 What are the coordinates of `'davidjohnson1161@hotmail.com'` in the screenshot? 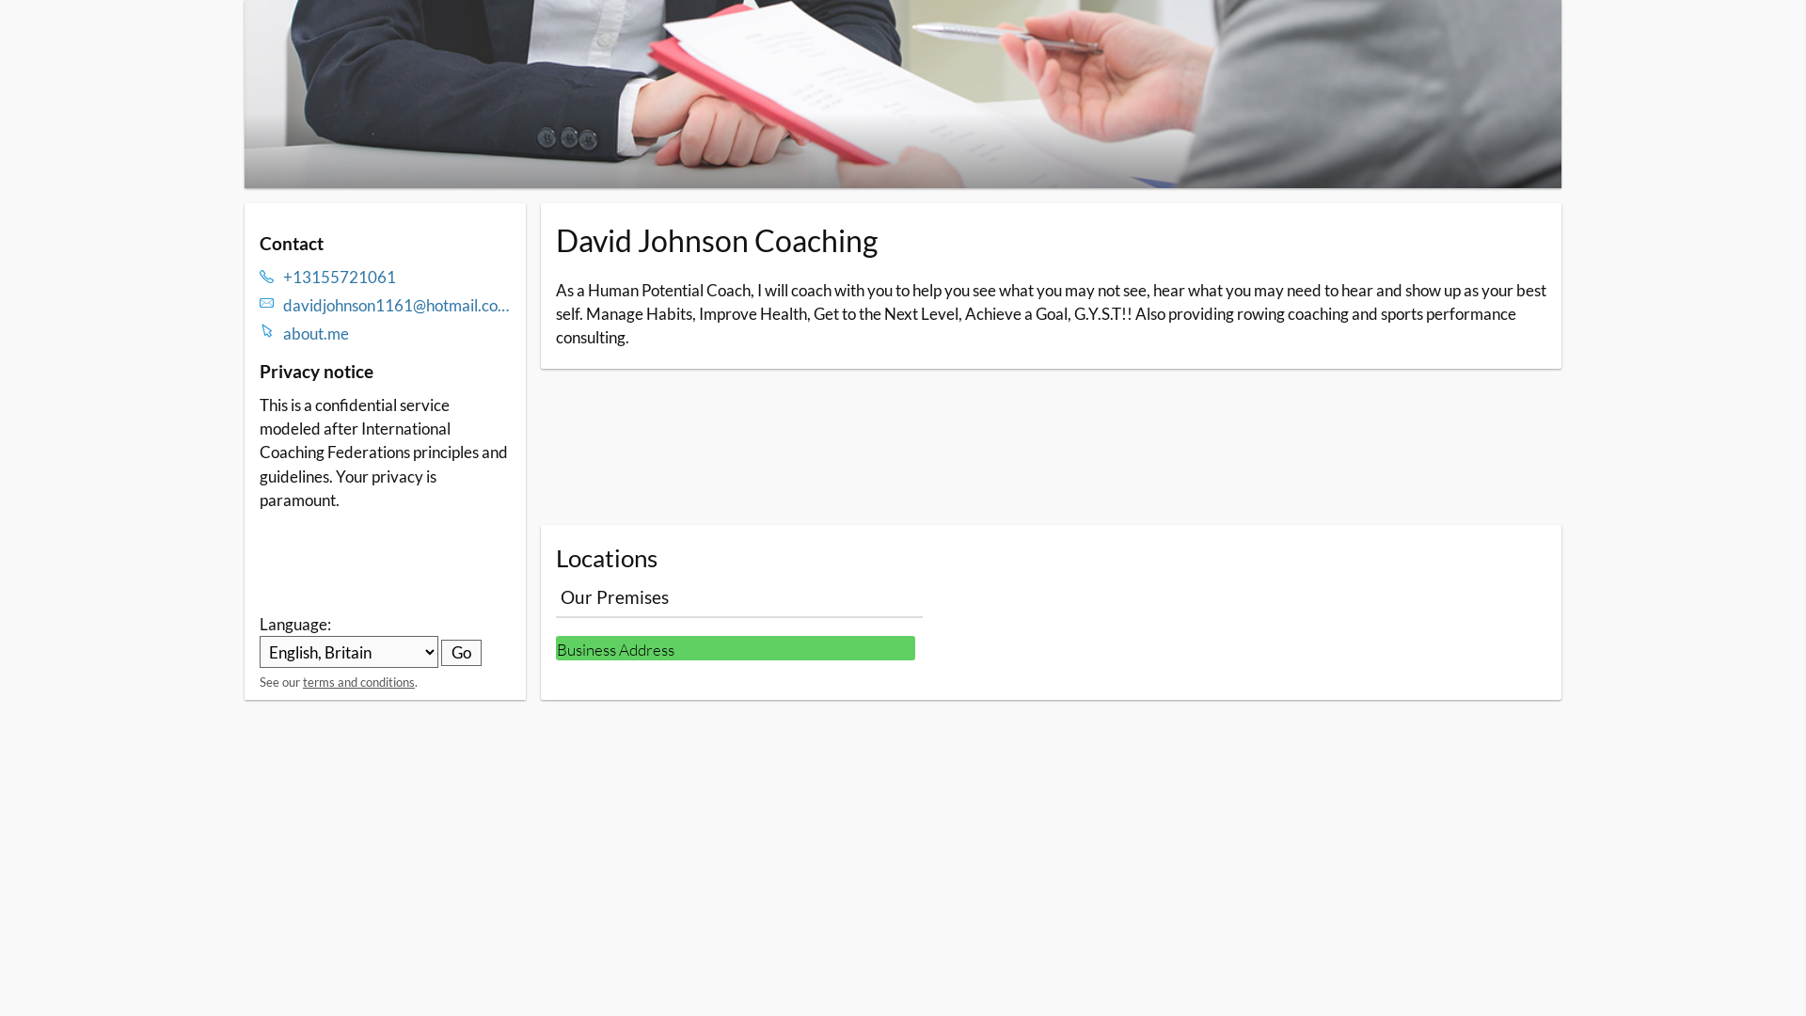 It's located at (396, 304).